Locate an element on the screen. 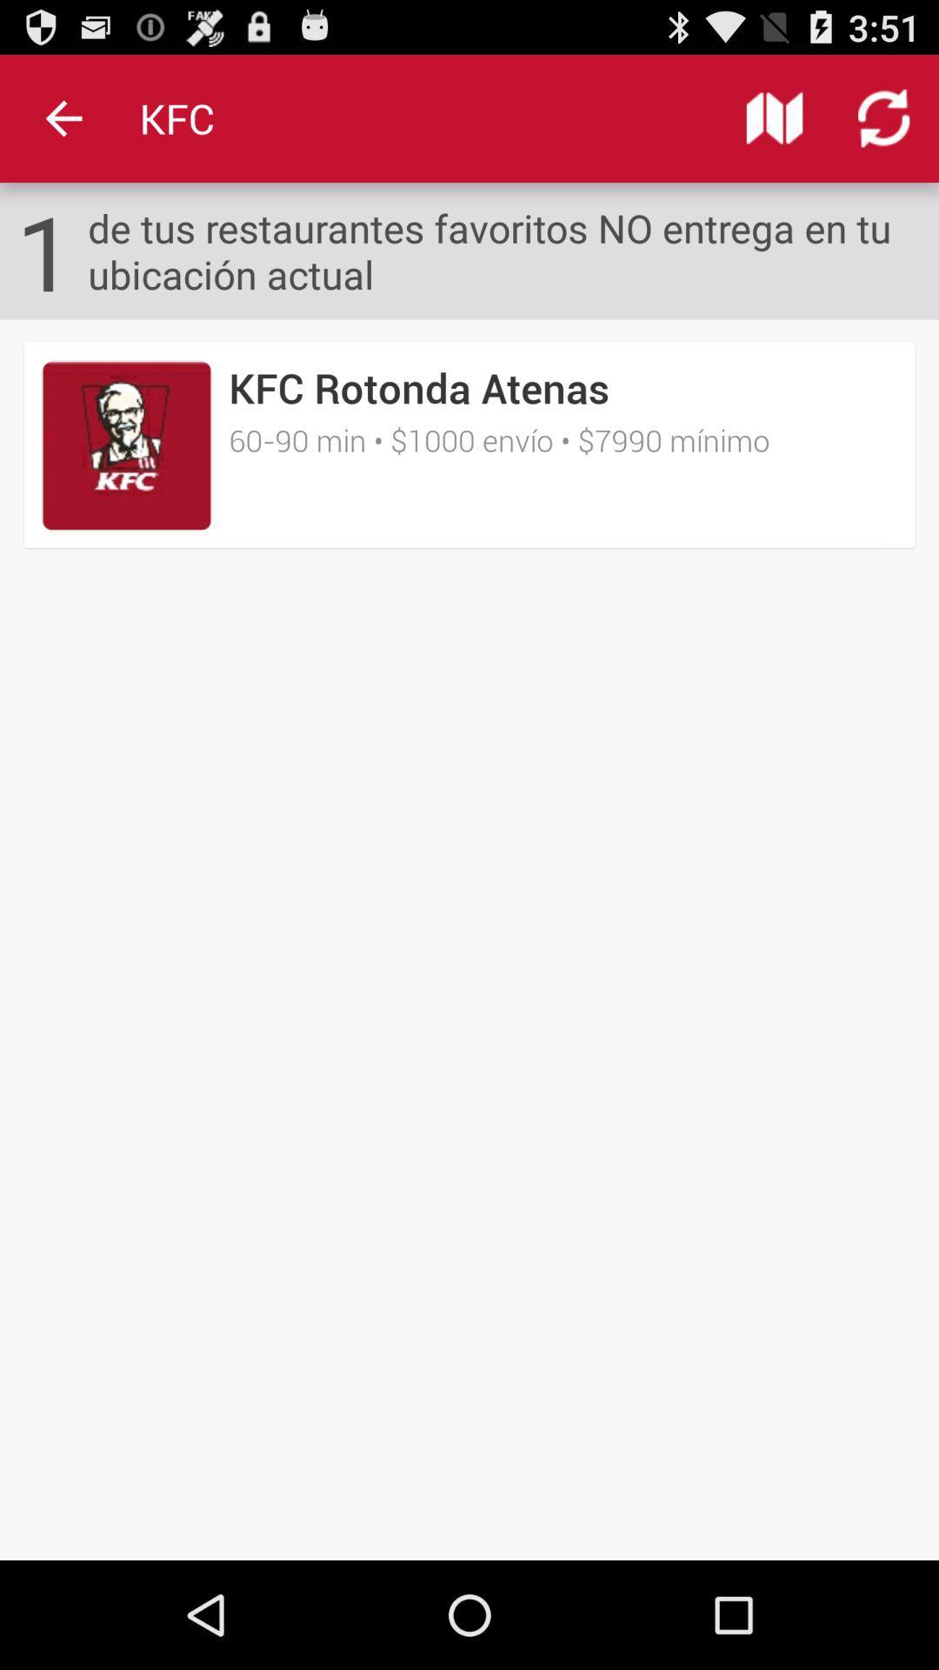  icon to the right of kfc is located at coordinates (774, 117).